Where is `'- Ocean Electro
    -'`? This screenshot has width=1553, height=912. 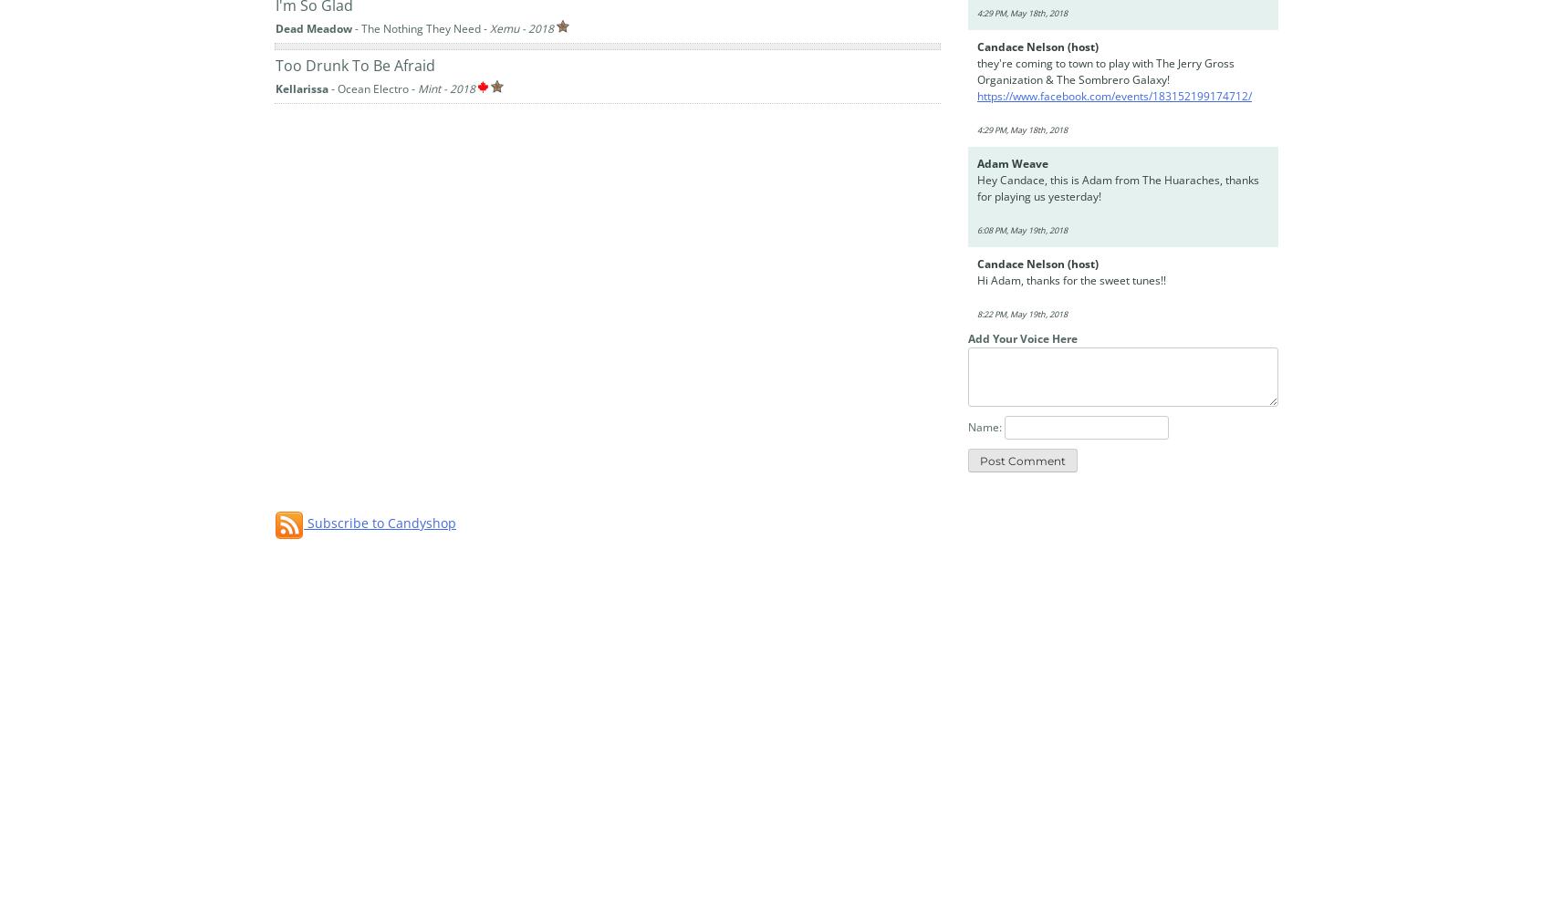 '- Ocean Electro
    -' is located at coordinates (372, 87).